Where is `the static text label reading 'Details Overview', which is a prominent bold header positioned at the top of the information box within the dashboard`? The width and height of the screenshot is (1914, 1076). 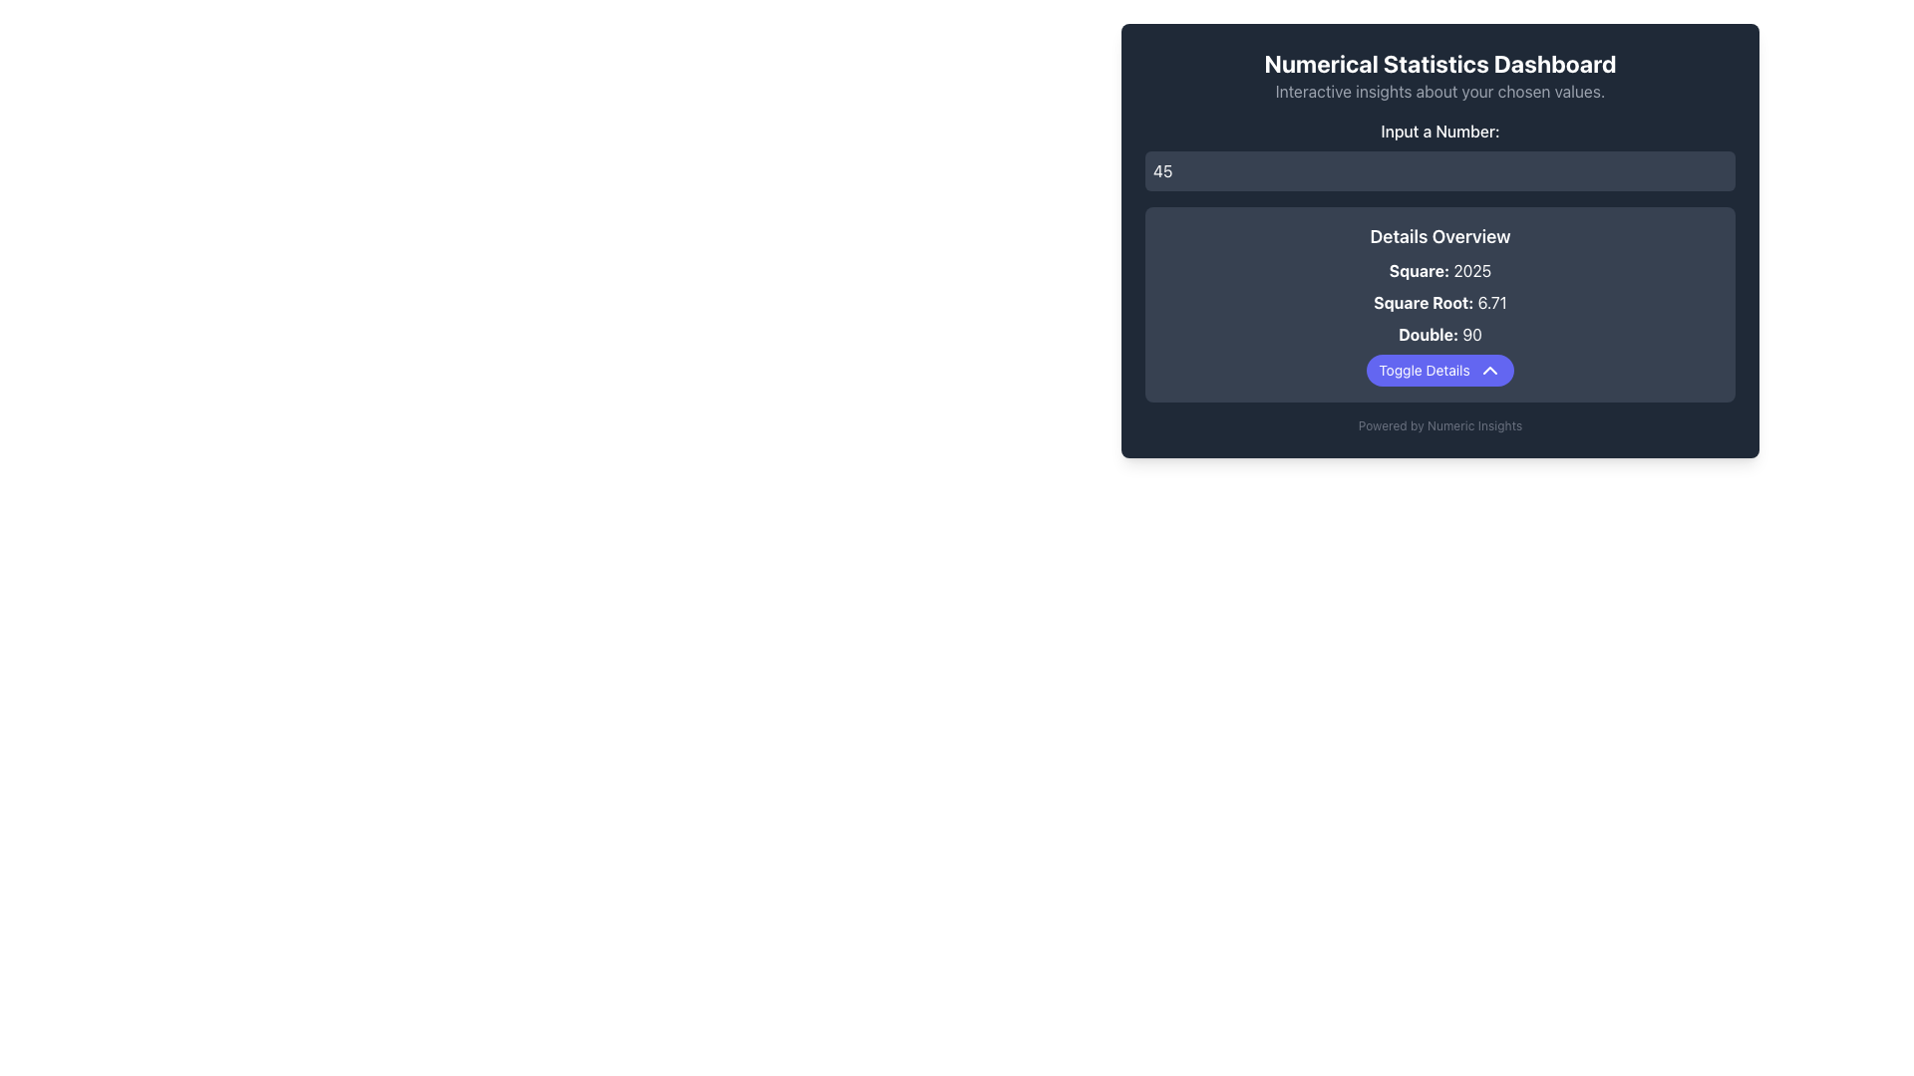
the static text label reading 'Details Overview', which is a prominent bold header positioned at the top of the information box within the dashboard is located at coordinates (1439, 236).